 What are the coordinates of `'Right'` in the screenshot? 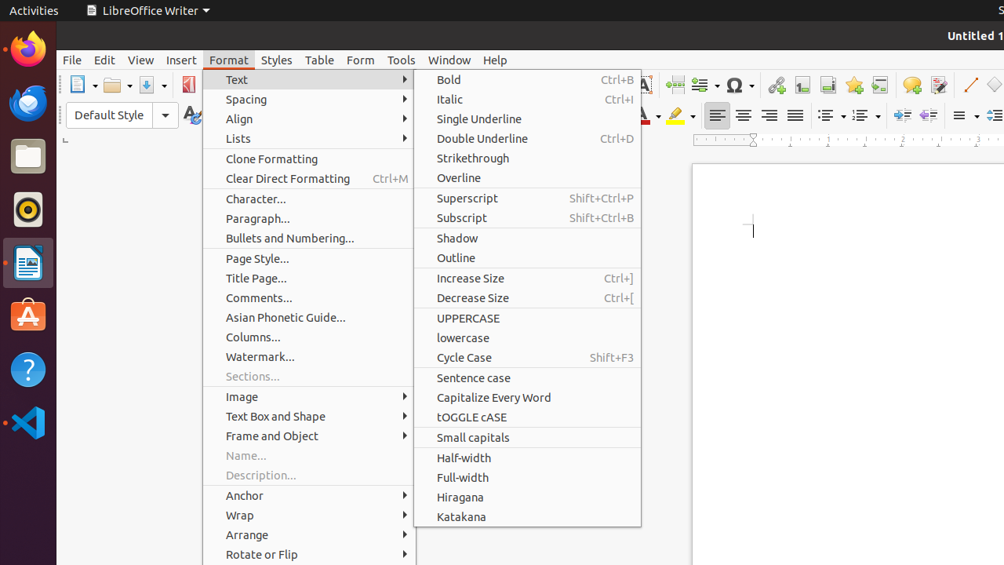 It's located at (769, 115).